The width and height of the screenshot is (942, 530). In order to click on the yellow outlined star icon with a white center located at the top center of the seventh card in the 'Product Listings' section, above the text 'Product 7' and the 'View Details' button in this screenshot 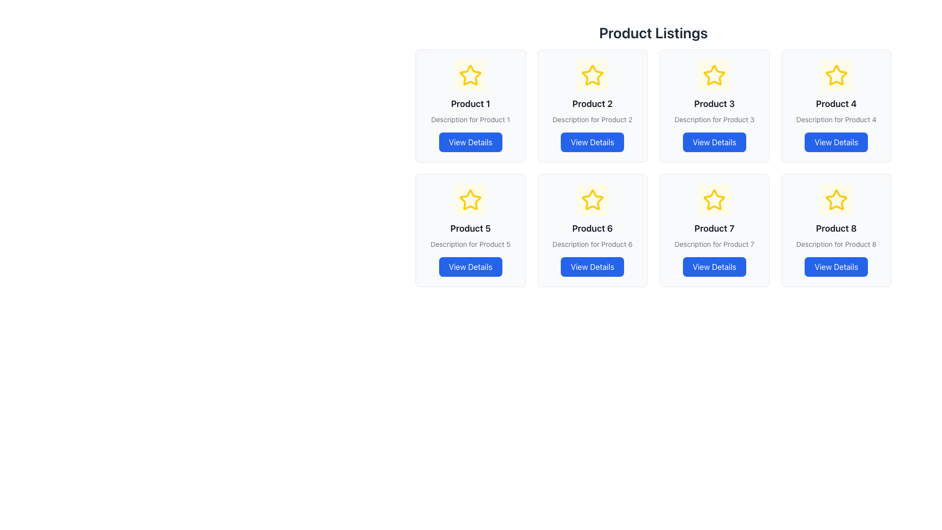, I will do `click(714, 200)`.